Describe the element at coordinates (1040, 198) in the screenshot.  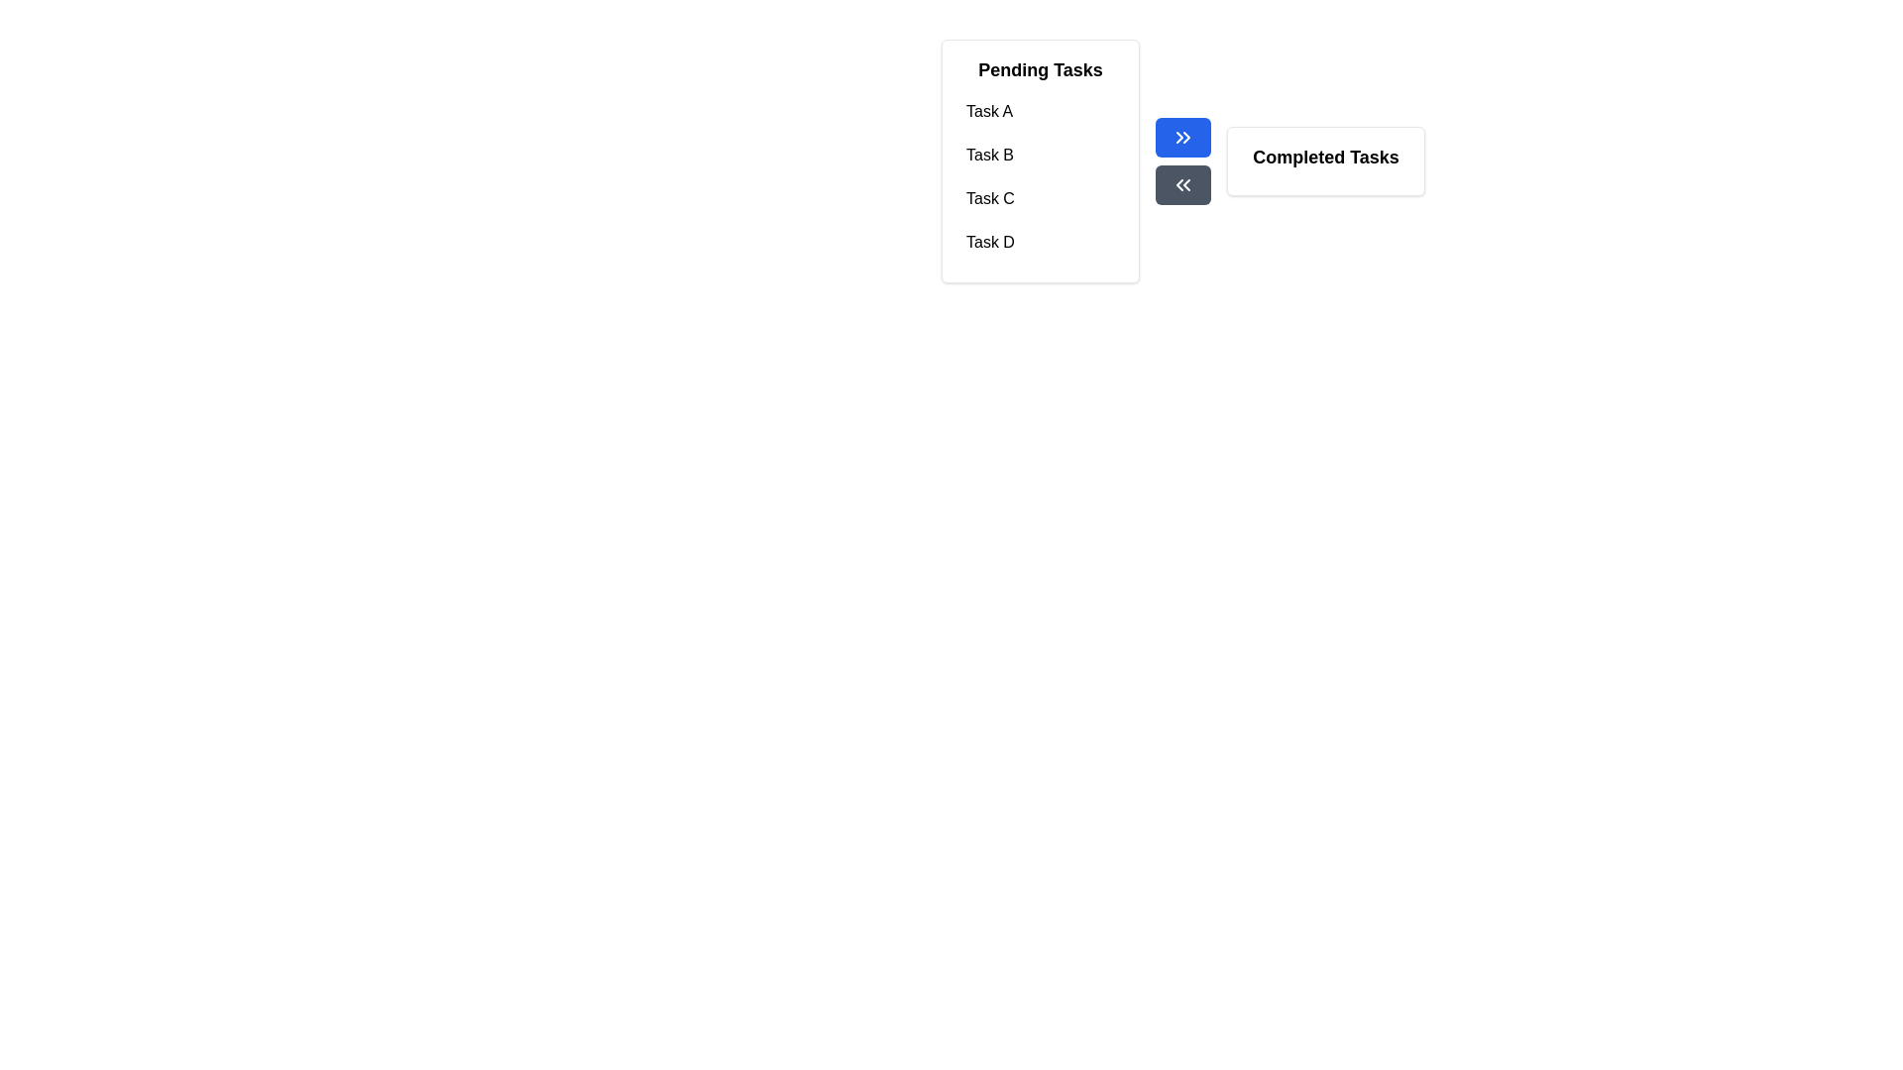
I see `the 'Task C' list item, which is the third item in the vertical list under 'Pending Tasks'` at that location.